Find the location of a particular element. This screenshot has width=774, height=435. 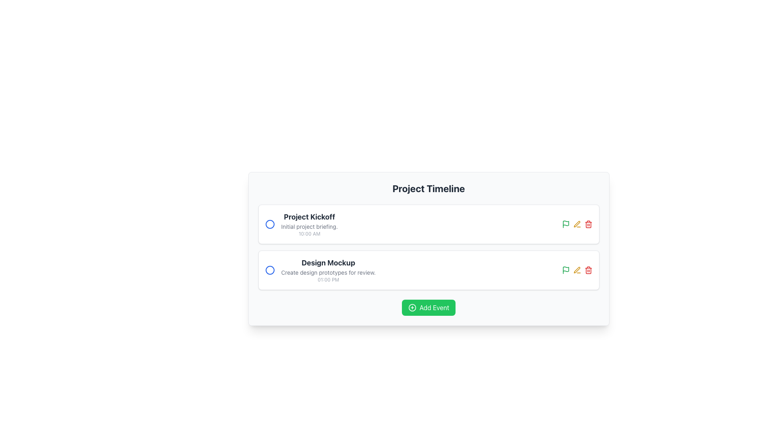

the blue circle icon indicating the status of the 'Project Kickoff' event, which is located at the start of the event block in the vertical list of event cards is located at coordinates (270, 224).